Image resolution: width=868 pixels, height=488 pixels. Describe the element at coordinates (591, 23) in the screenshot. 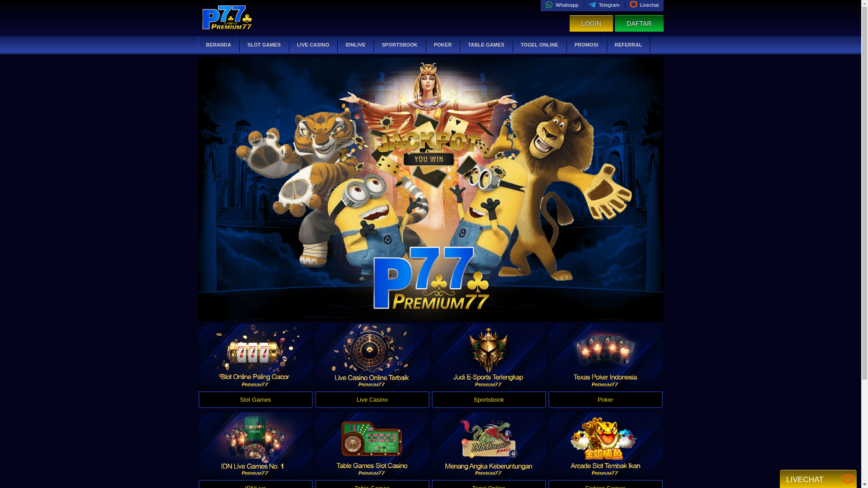

I see `'LOGIN'` at that location.